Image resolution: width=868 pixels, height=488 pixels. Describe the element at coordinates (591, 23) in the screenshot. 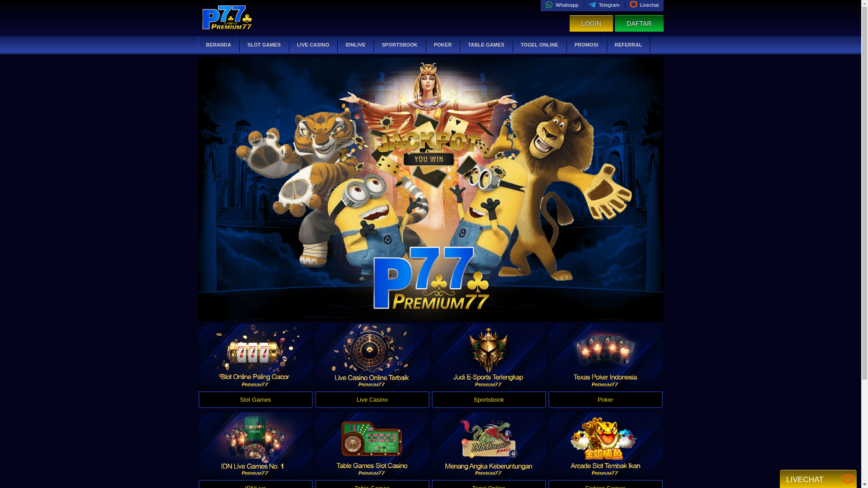

I see `'LOGIN'` at that location.